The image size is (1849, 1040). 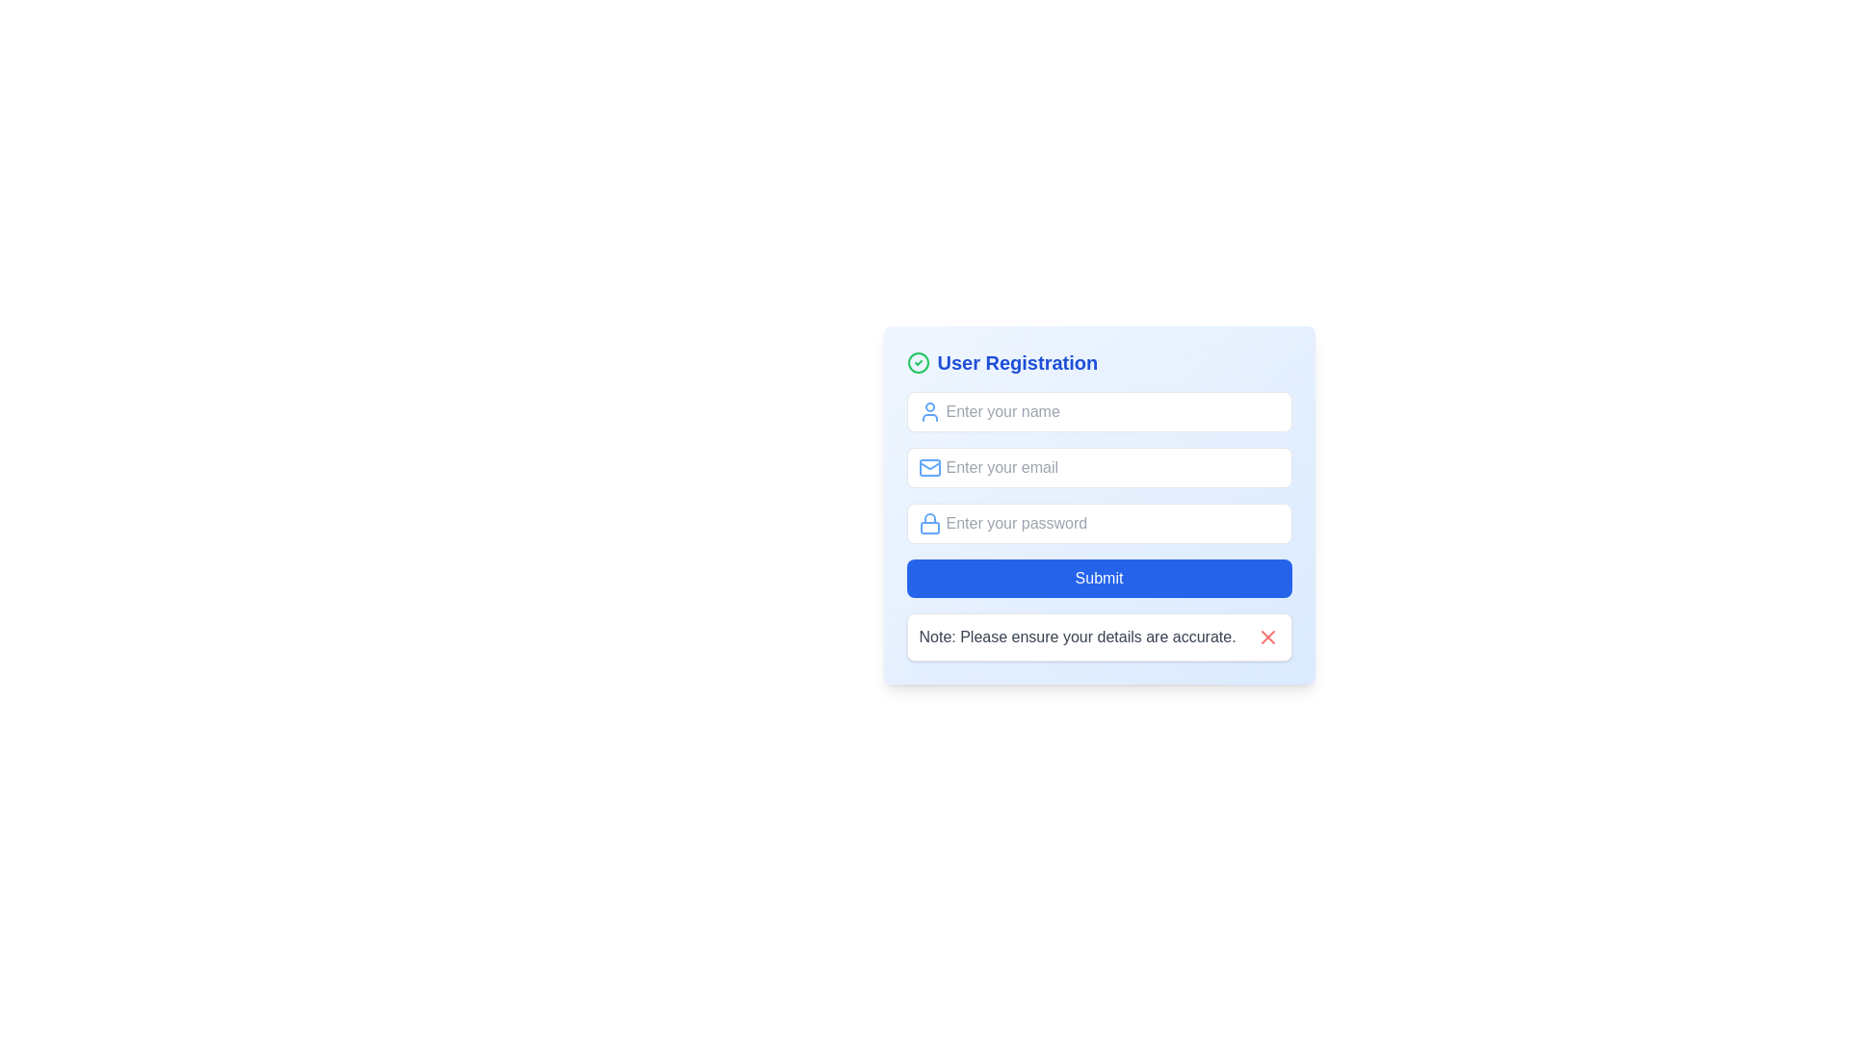 I want to click on the email icon located next to the 'Enter your email' input field in the registration form, so click(x=929, y=468).